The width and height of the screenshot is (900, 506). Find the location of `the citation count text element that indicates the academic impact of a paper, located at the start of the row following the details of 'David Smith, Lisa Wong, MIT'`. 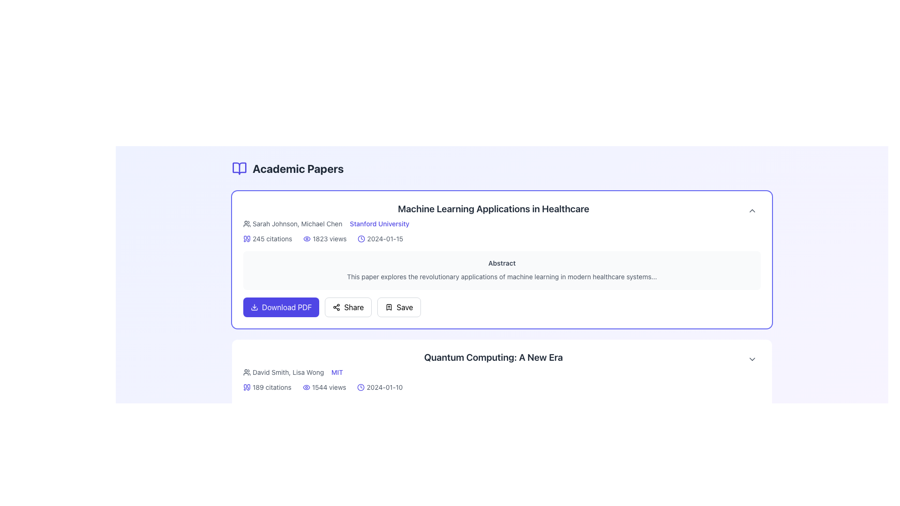

the citation count text element that indicates the academic impact of a paper, located at the start of the row following the details of 'David Smith, Lisa Wong, MIT' is located at coordinates (267, 387).